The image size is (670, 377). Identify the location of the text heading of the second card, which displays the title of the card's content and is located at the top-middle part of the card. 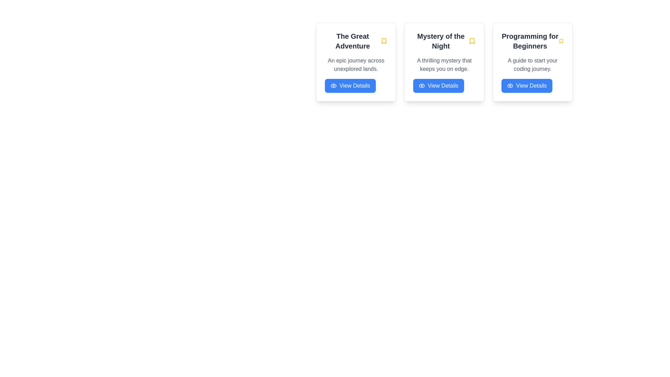
(444, 41).